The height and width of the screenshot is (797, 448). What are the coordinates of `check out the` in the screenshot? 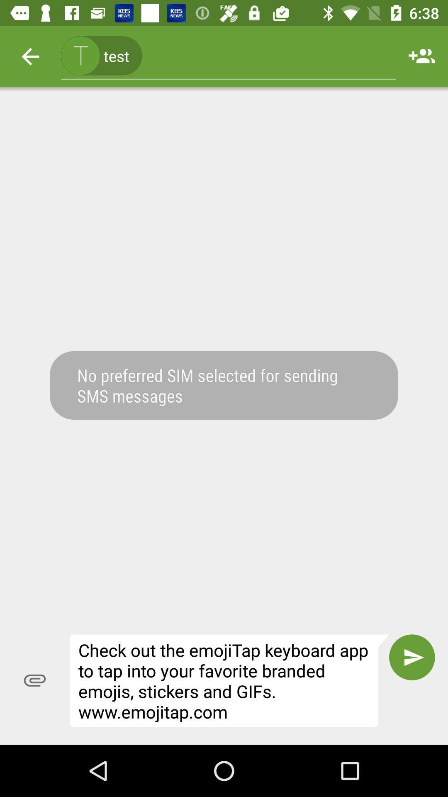 It's located at (229, 680).